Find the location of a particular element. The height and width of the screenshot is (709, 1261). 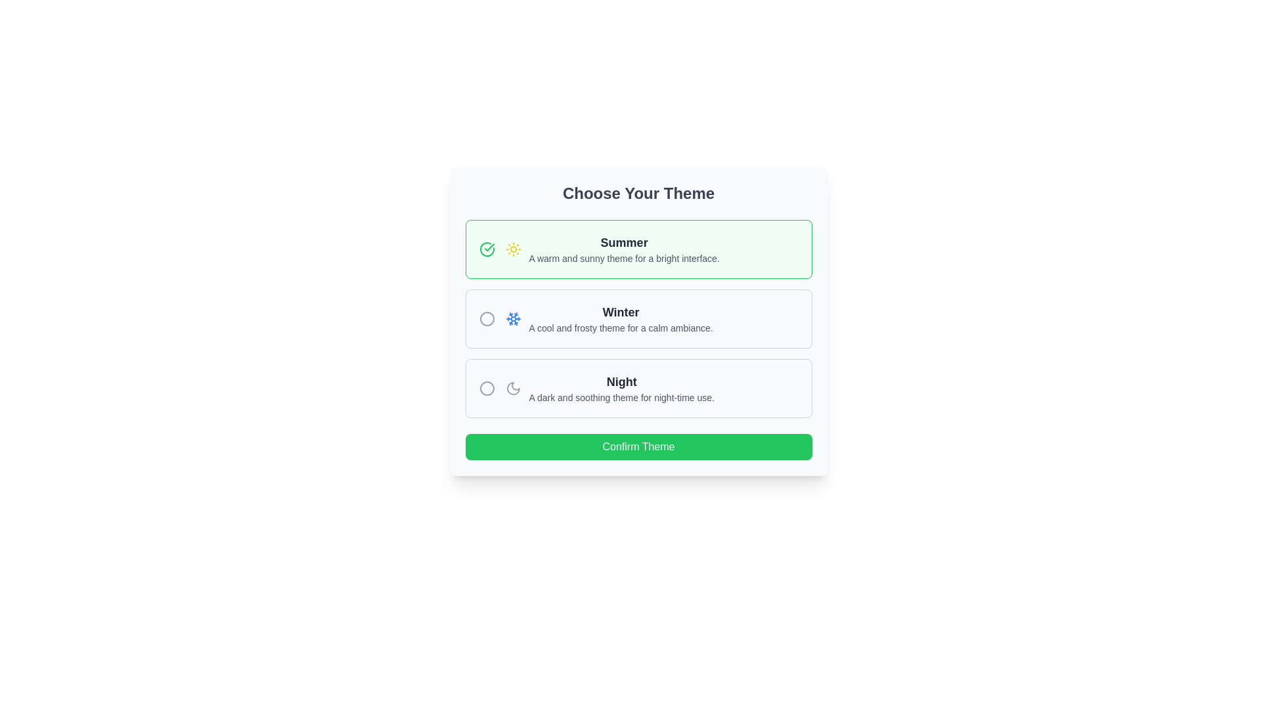

the radio button labeled 'Winter' is located at coordinates (620, 319).